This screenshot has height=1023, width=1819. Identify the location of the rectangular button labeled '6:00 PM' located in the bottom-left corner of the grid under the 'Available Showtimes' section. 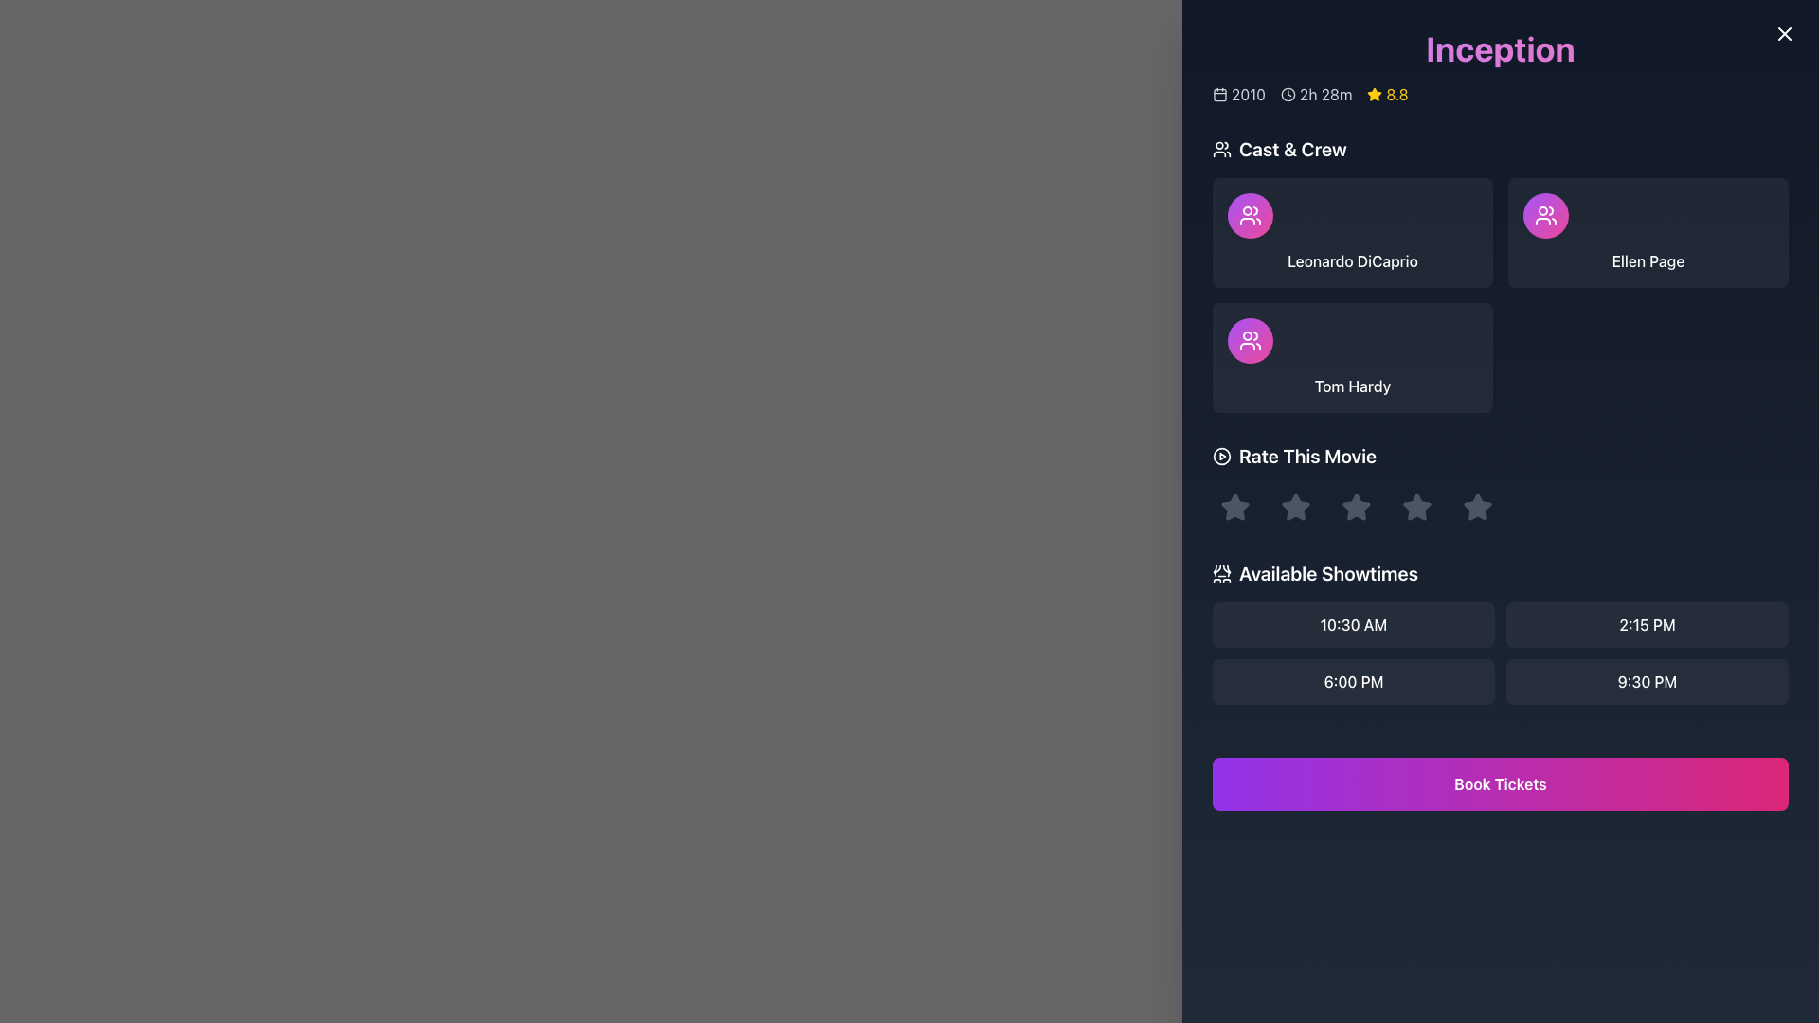
(1353, 682).